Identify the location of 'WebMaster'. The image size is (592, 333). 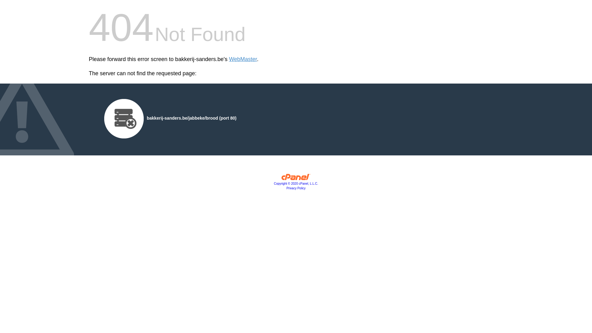
(243, 59).